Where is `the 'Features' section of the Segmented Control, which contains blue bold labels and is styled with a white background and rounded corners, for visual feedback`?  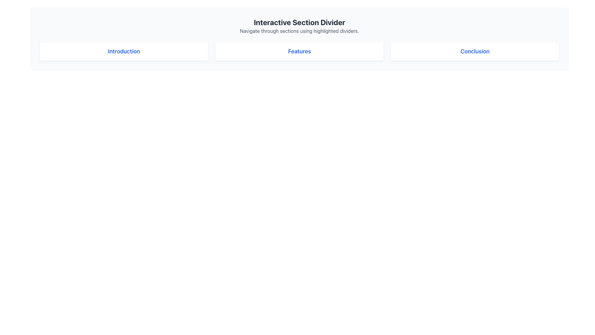 the 'Features' section of the Segmented Control, which contains blue bold labels and is styled with a white background and rounded corners, for visual feedback is located at coordinates (299, 51).